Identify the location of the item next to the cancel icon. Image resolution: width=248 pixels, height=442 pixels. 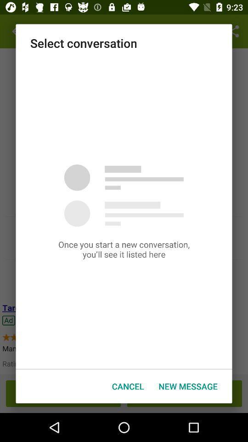
(187, 386).